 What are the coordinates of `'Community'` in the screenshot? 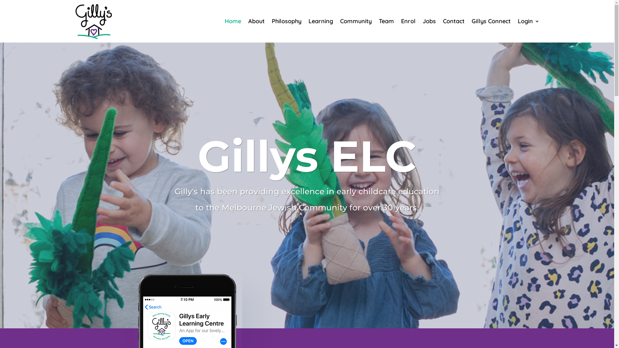 It's located at (355, 21).